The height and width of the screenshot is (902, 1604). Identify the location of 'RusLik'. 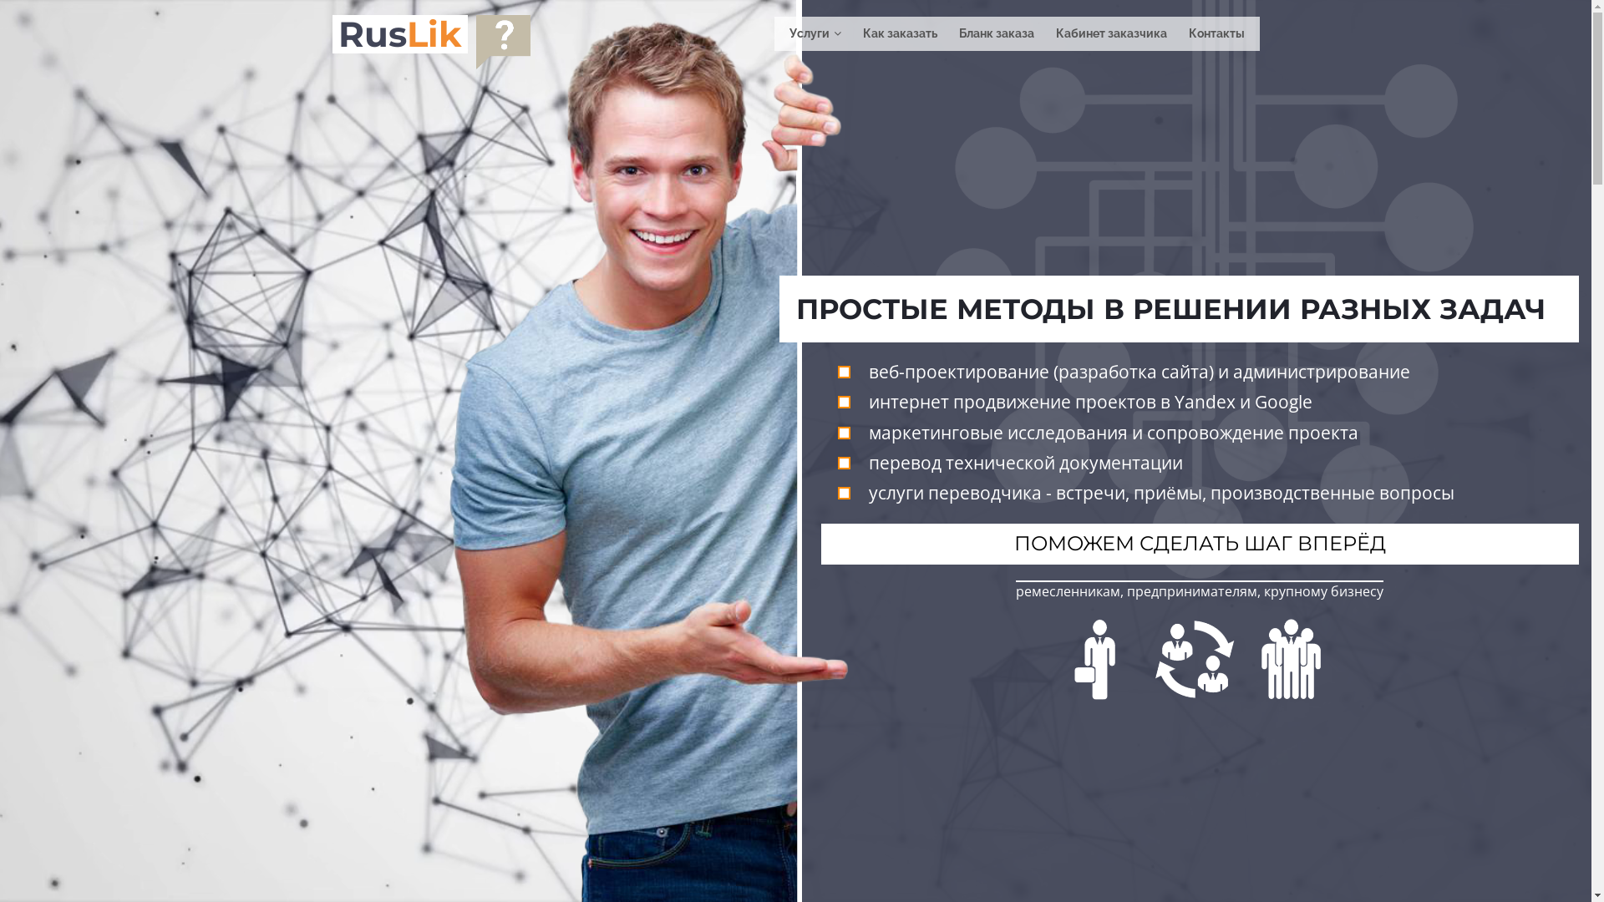
(398, 34).